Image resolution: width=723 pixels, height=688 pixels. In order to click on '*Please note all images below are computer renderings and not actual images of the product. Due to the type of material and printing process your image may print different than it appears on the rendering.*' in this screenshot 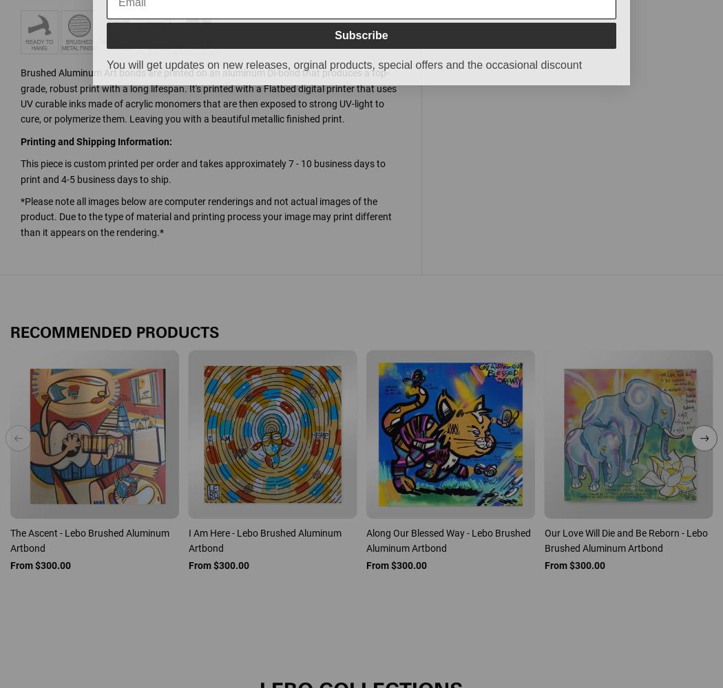, I will do `click(205, 215)`.